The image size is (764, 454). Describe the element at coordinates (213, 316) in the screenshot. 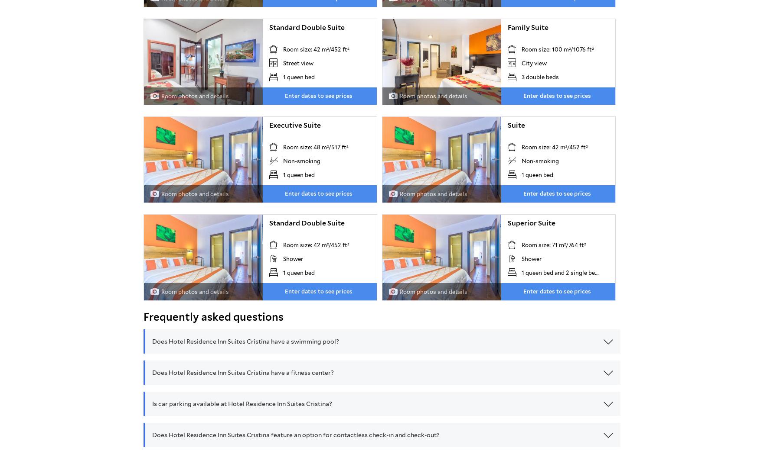

I see `'Frequently asked questions'` at that location.